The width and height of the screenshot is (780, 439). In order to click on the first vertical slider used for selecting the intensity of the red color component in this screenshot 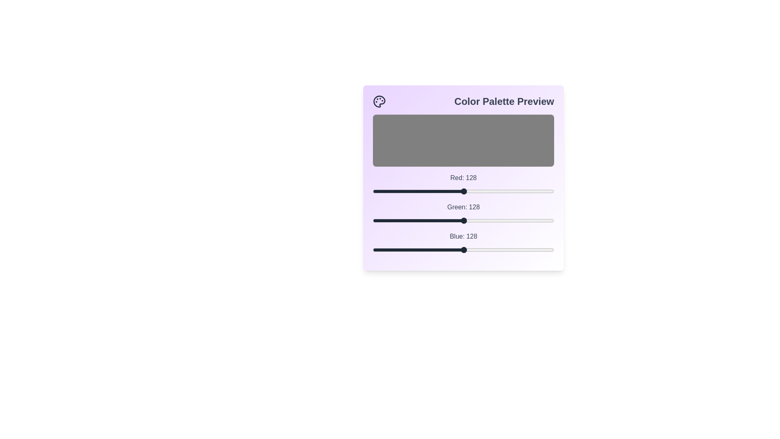, I will do `click(464, 191)`.